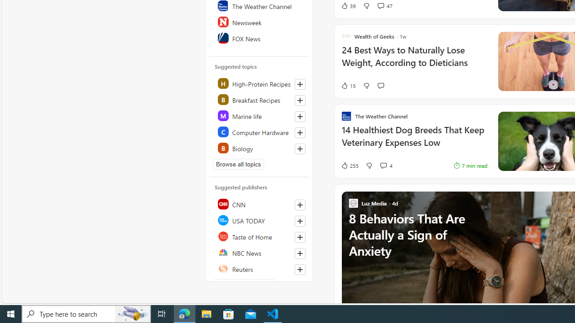  I want to click on 'View comments 47 Comment', so click(380, 5).